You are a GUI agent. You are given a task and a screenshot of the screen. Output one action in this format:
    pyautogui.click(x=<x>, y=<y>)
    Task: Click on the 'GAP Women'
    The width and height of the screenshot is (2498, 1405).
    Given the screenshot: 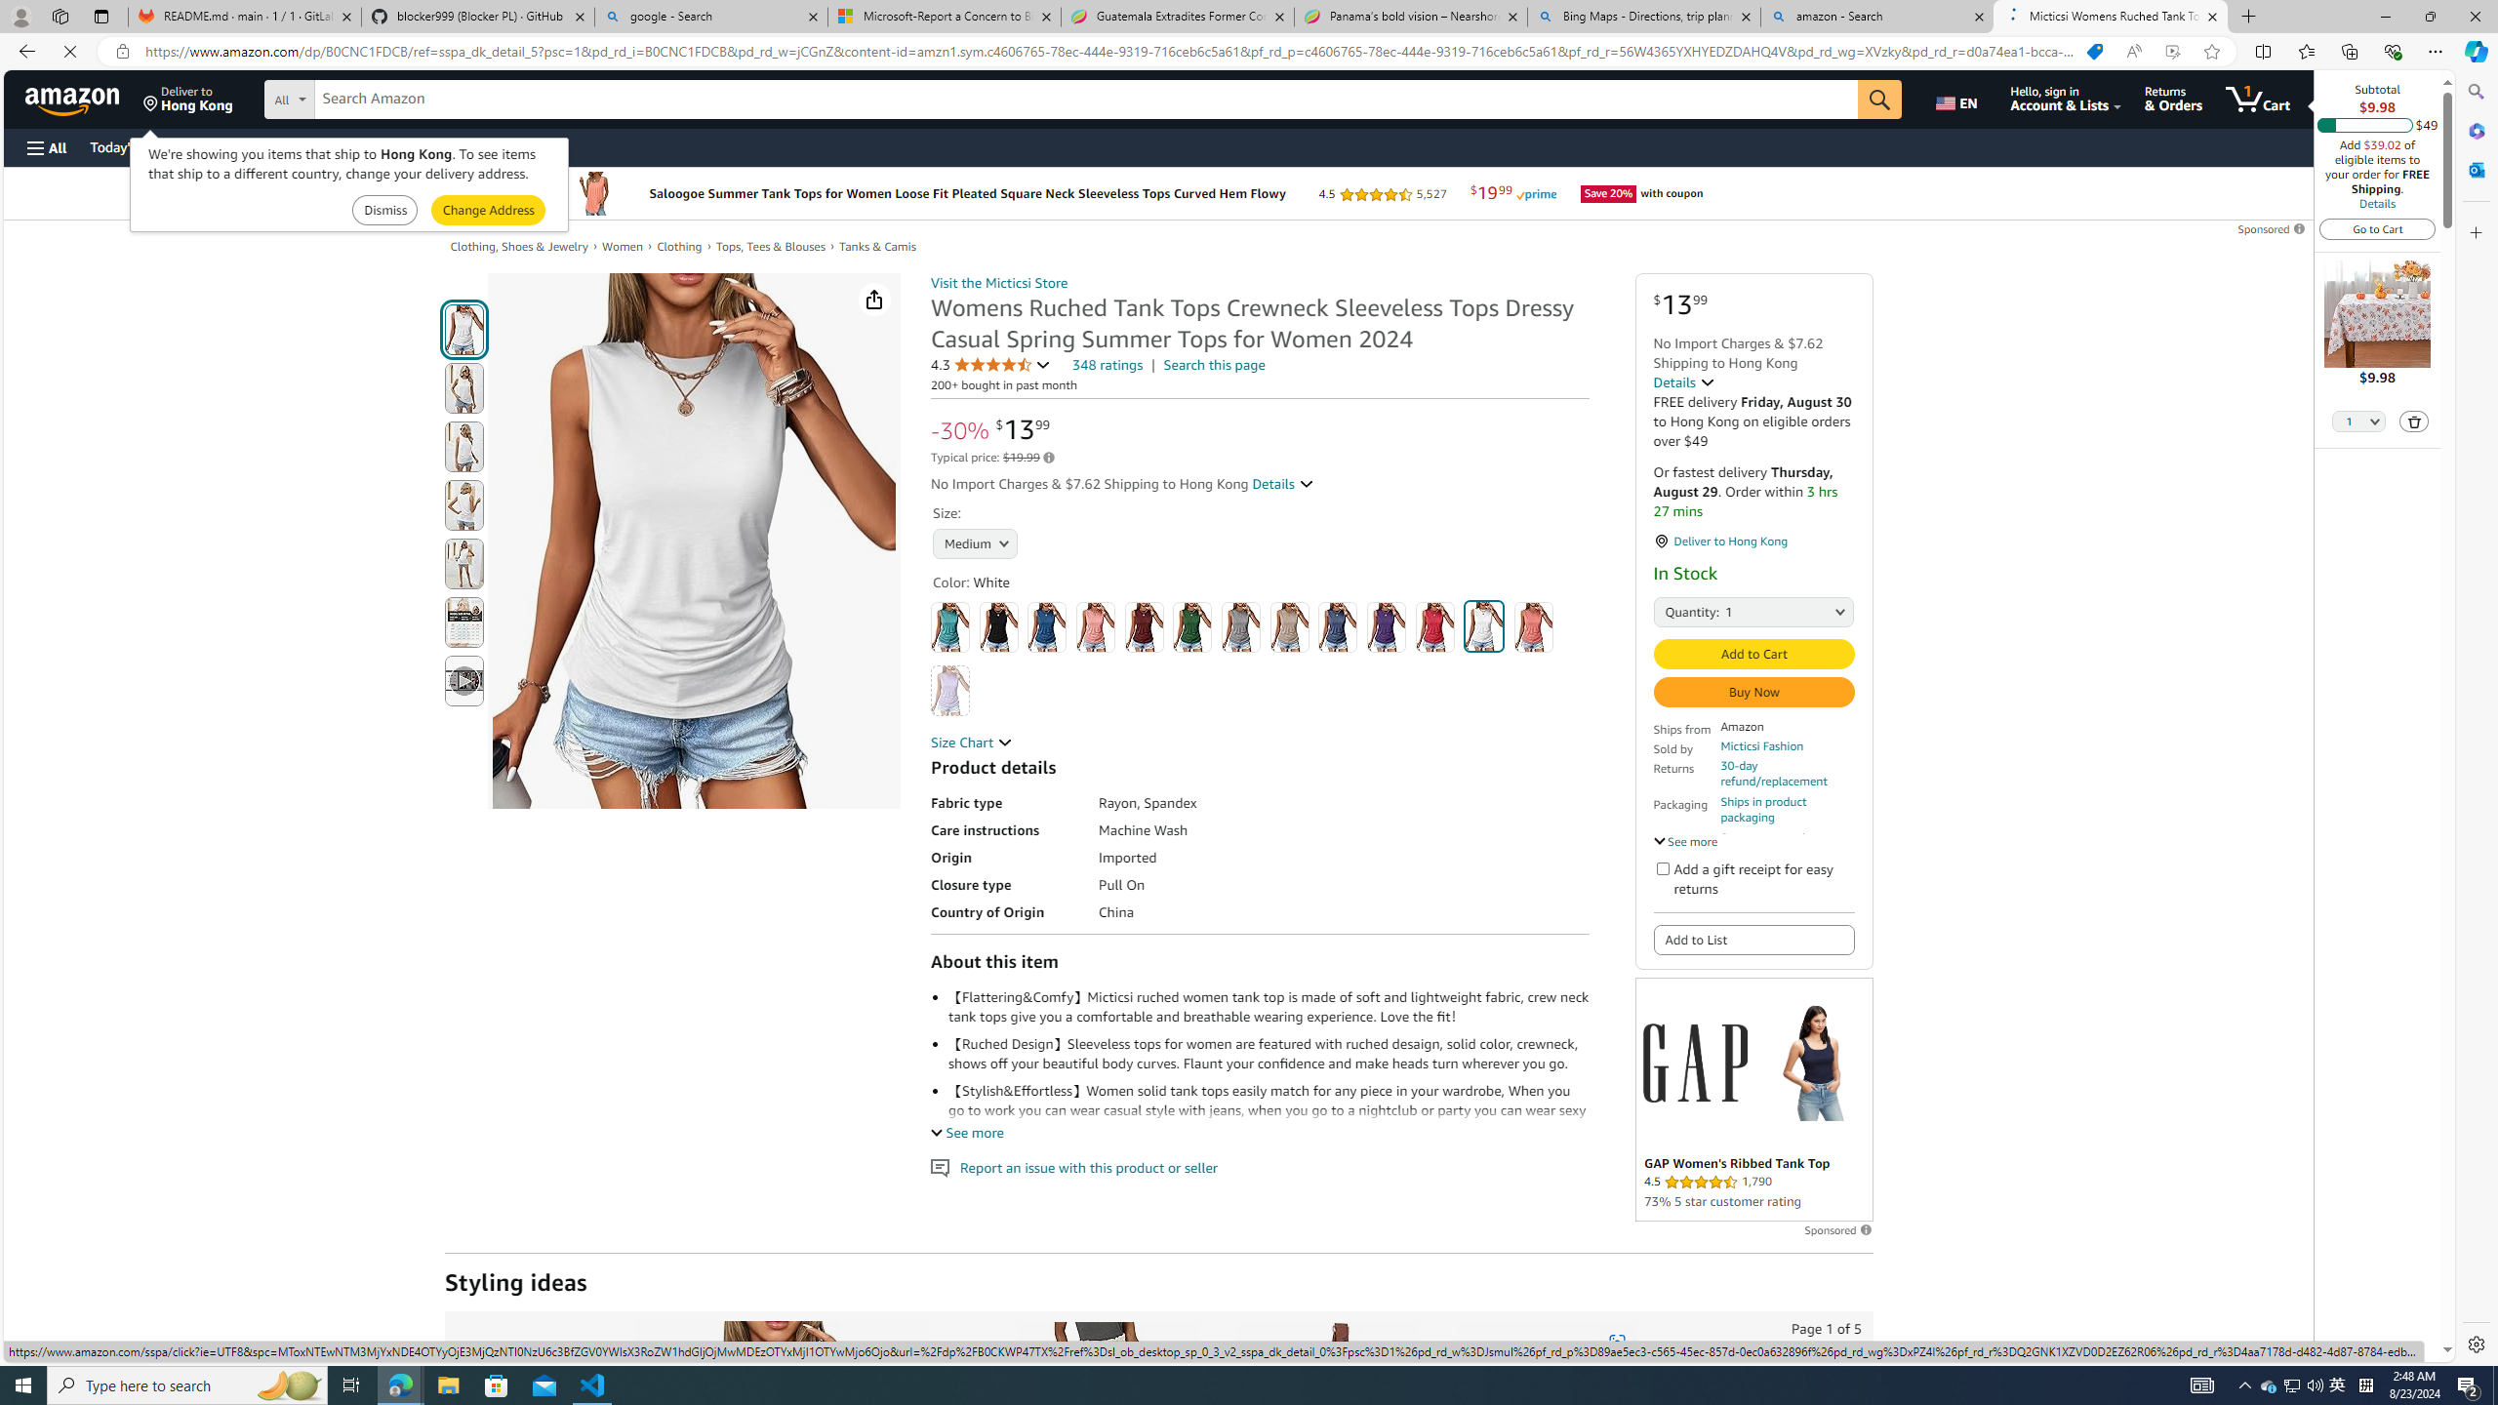 What is the action you would take?
    pyautogui.click(x=1813, y=1062)
    